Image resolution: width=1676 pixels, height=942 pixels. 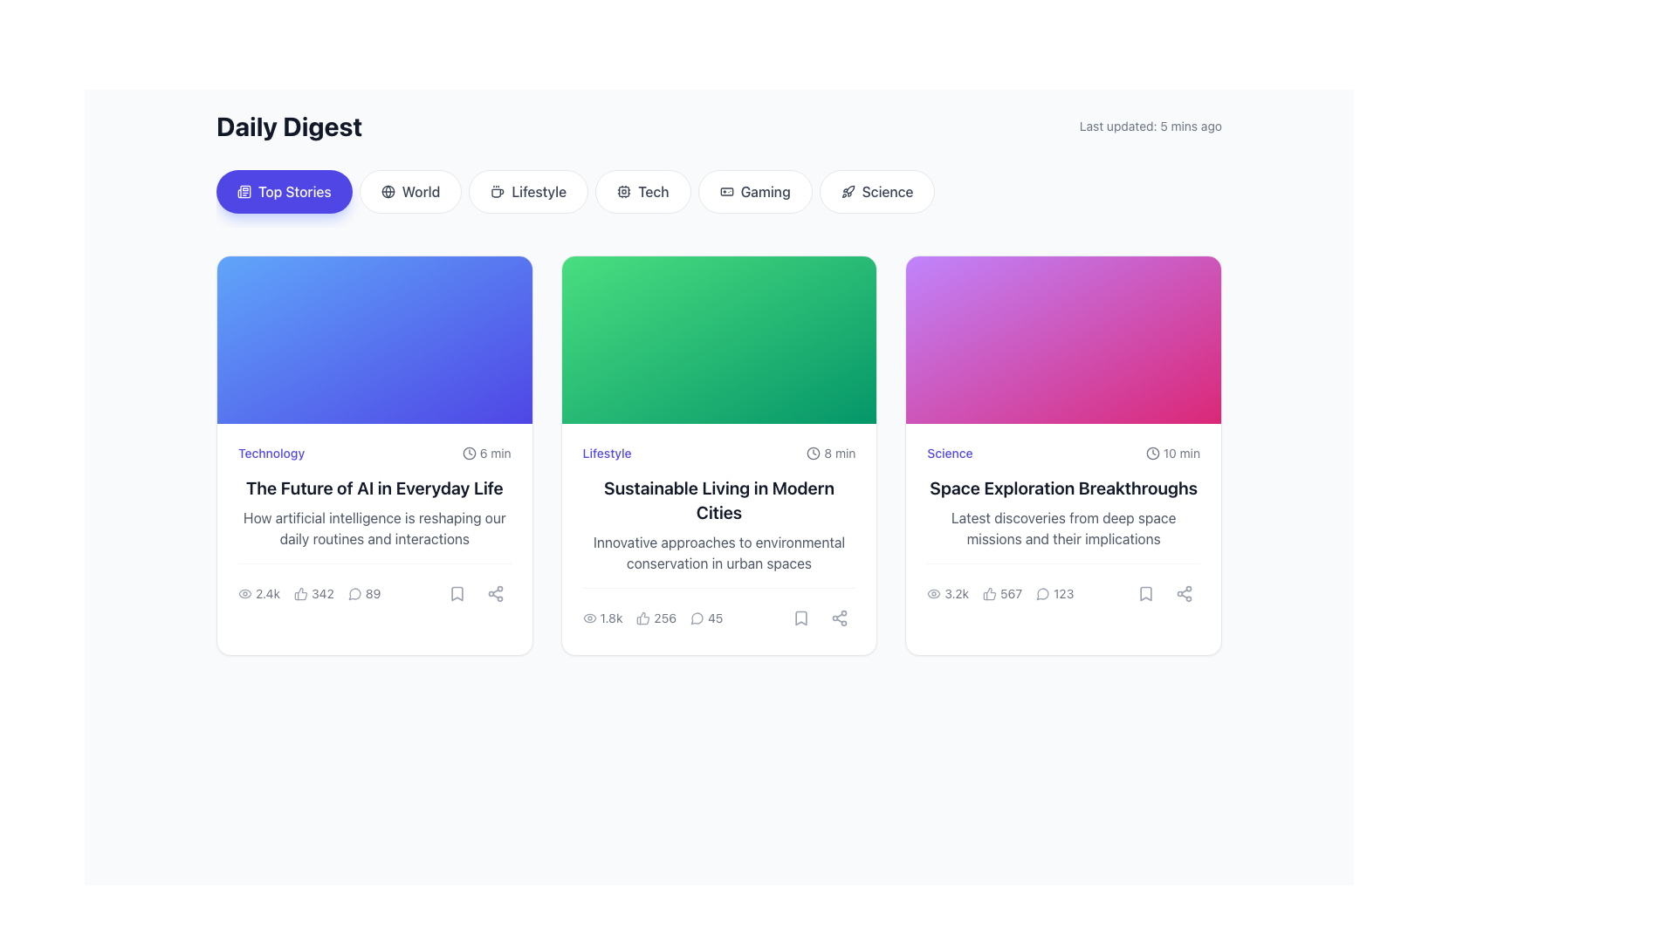 I want to click on the bookmarking button located at the bottom-right corner of the third card titled 'Space Exploration Breakthroughs' to bookmark the content, so click(x=1145, y=593).